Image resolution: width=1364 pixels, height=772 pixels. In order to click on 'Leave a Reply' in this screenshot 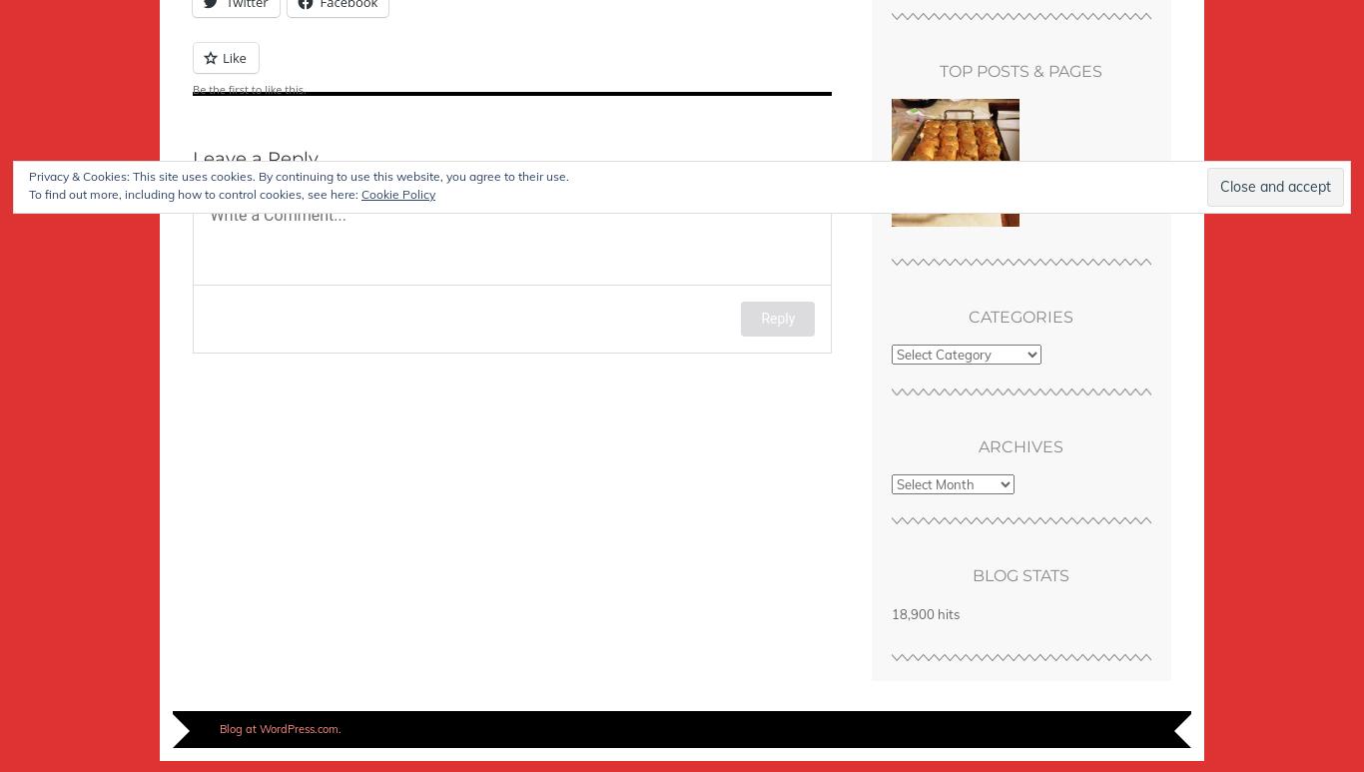, I will do `click(255, 158)`.